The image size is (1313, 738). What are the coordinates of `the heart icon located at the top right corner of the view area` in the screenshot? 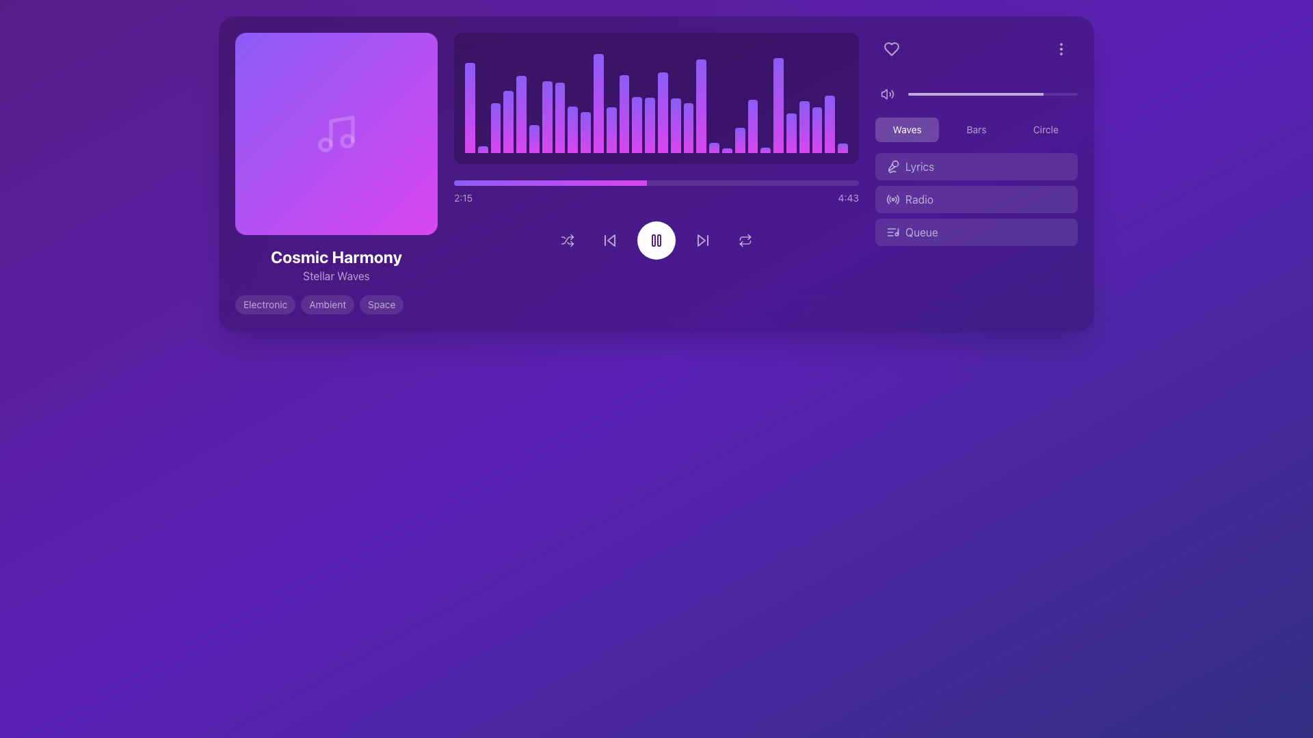 It's located at (892, 49).